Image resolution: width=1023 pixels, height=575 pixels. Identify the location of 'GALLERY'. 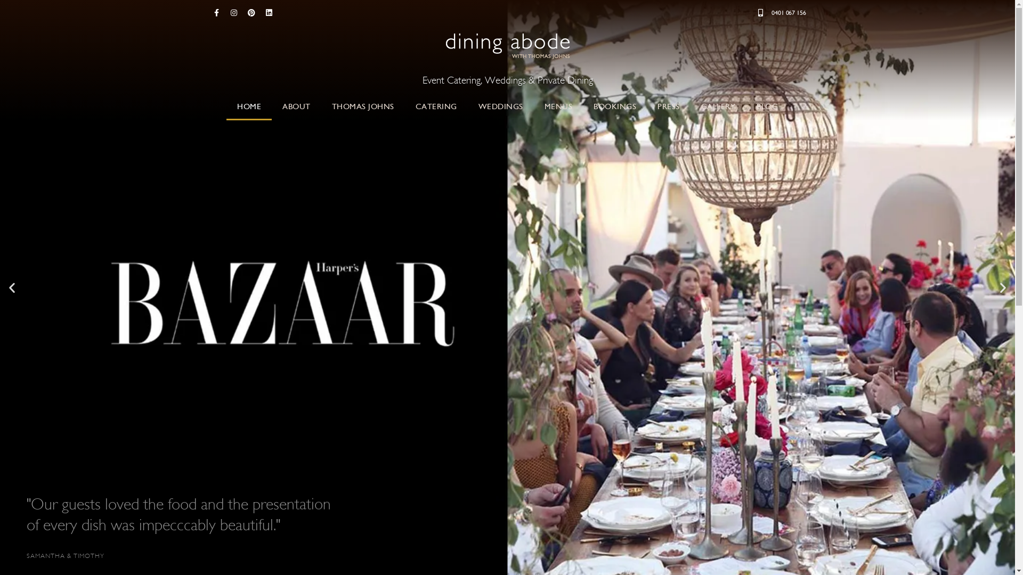
(718, 106).